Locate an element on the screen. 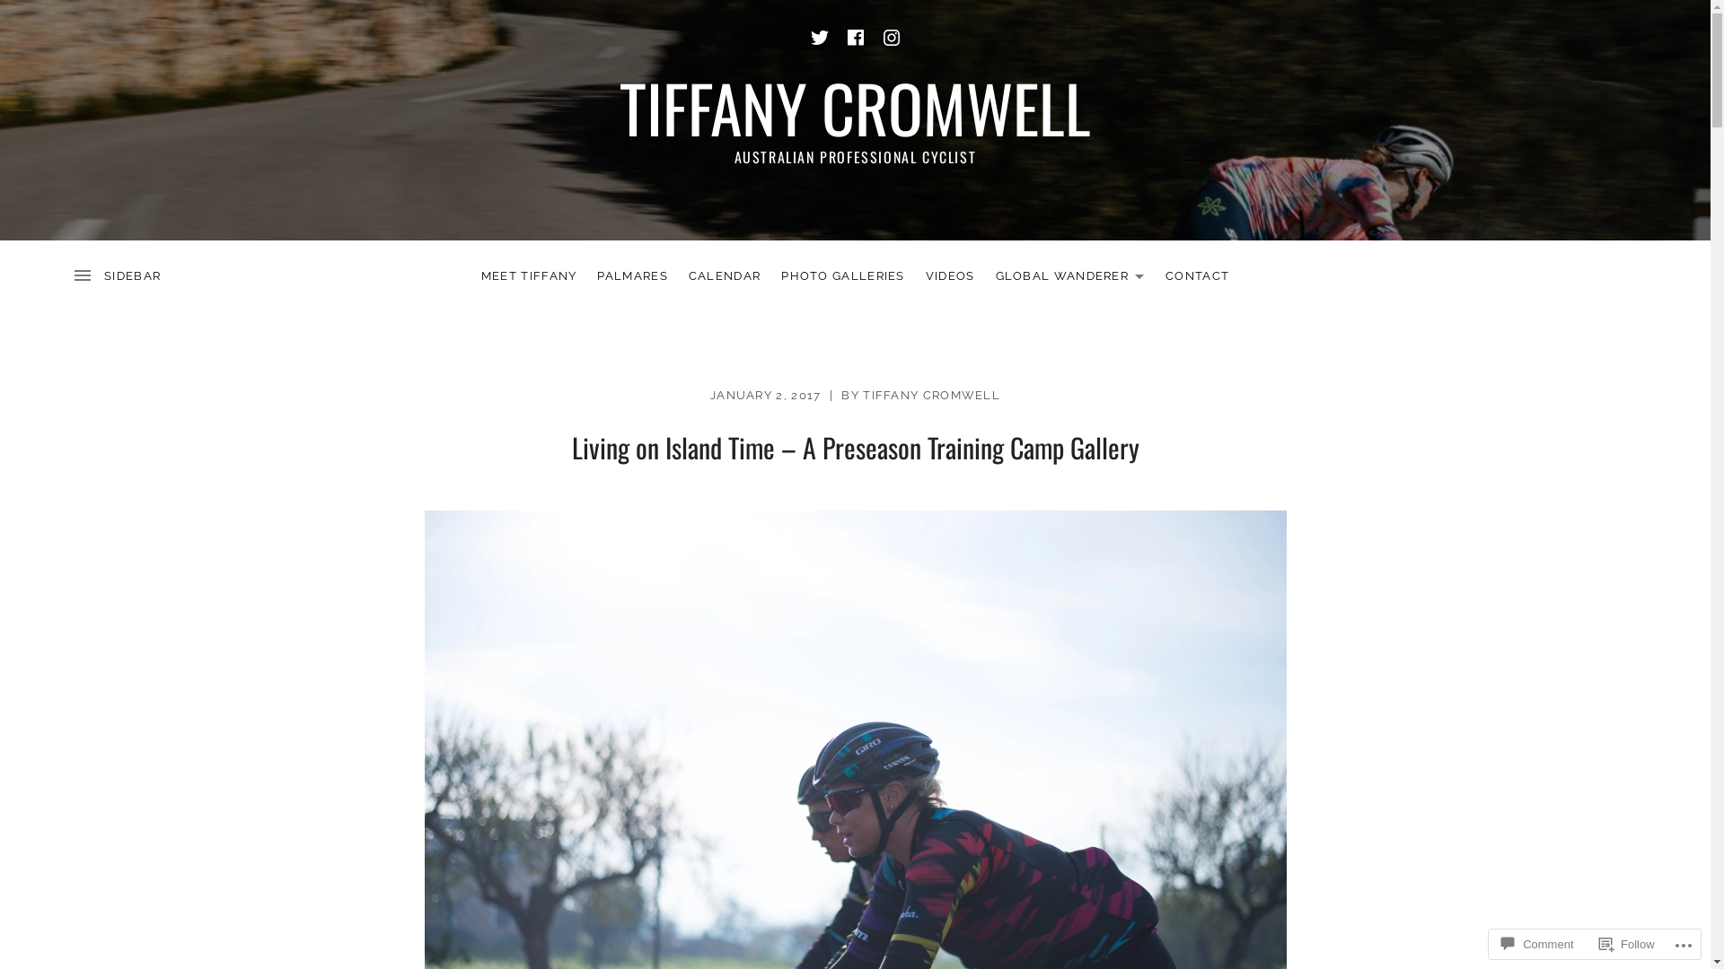 The height and width of the screenshot is (969, 1724). 'MEET TIFFANY' is located at coordinates (528, 276).